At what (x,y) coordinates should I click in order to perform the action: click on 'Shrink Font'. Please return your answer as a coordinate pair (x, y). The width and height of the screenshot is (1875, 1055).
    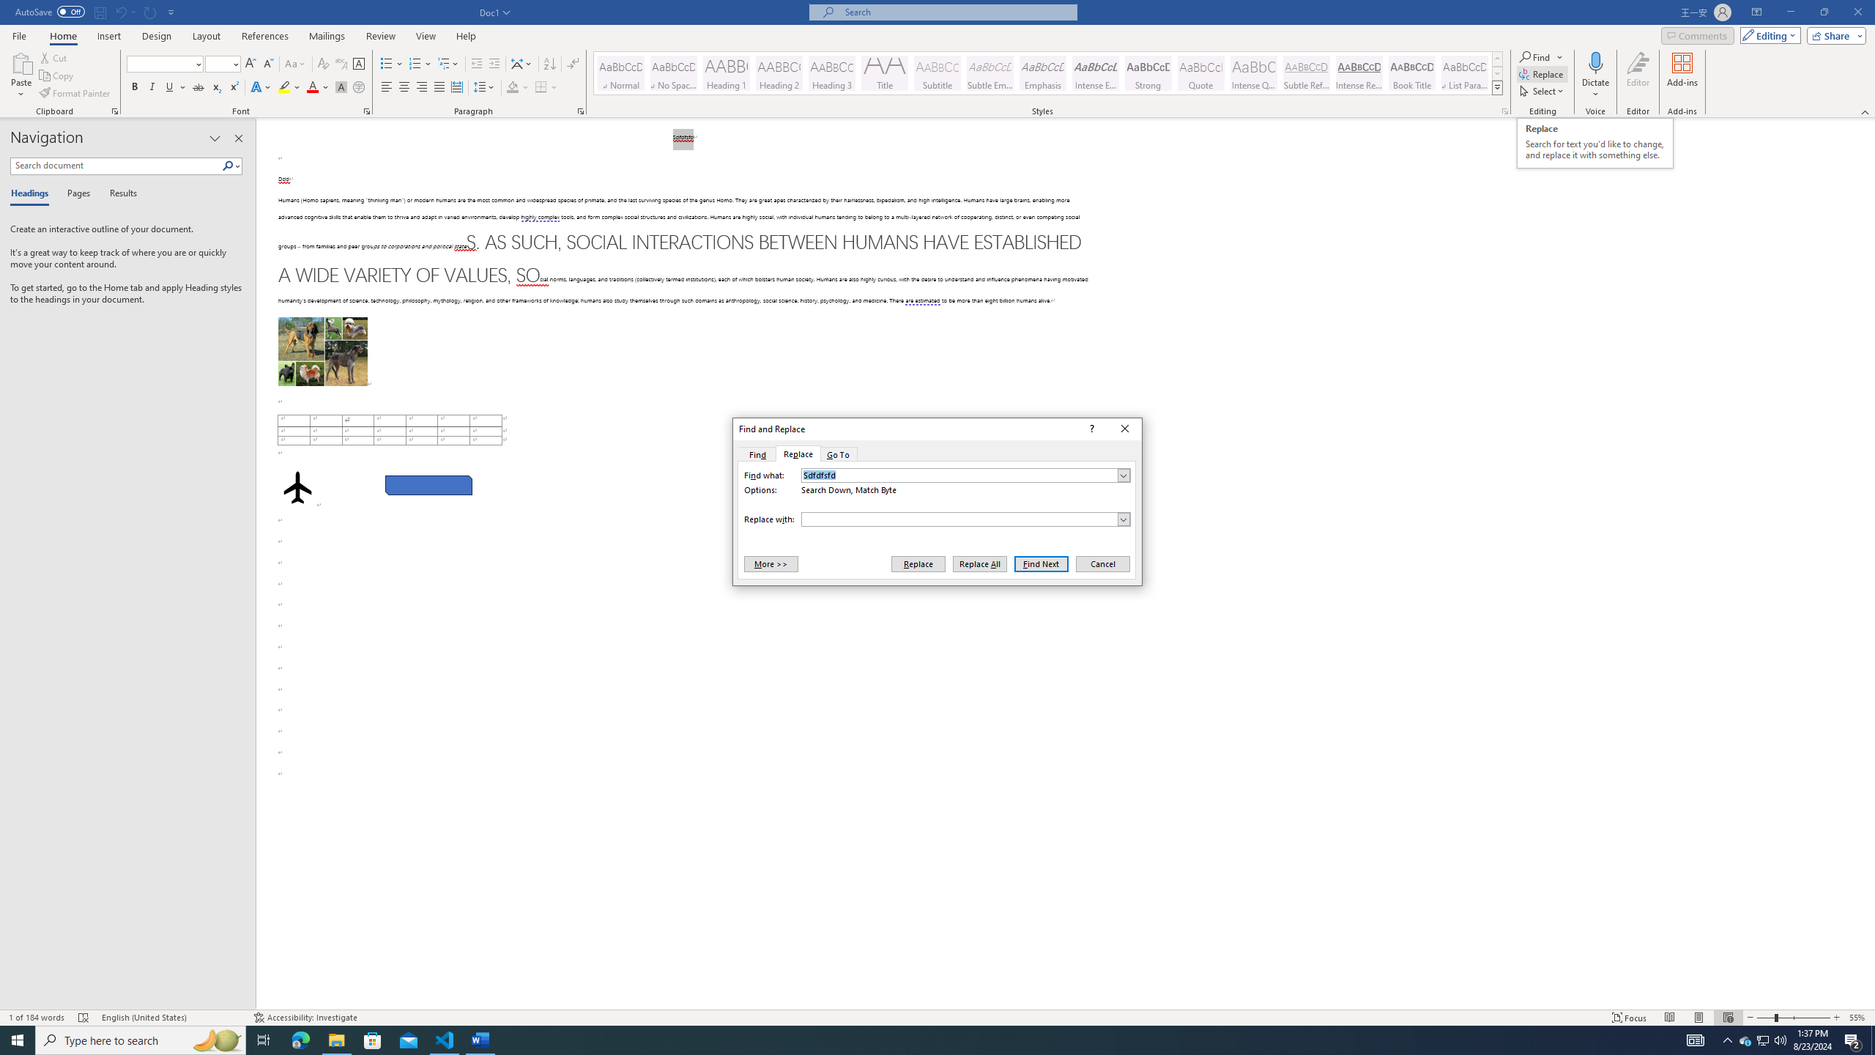
    Looking at the image, I should click on (268, 64).